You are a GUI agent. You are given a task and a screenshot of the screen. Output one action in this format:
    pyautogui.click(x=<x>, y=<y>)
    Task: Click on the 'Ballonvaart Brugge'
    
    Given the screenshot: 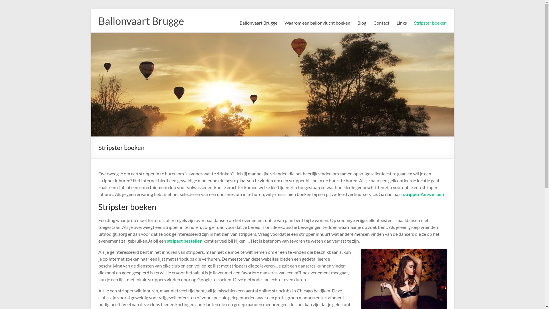 What is the action you would take?
    pyautogui.click(x=98, y=21)
    